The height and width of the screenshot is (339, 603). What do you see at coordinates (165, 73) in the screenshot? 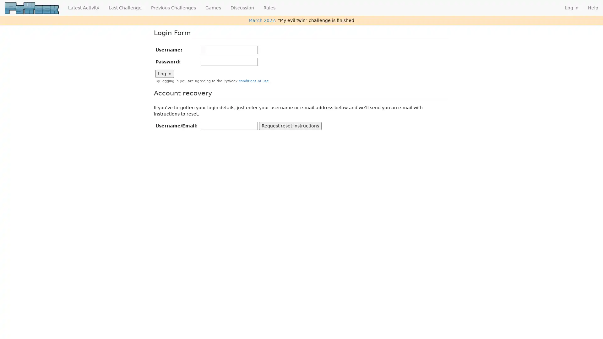
I see `Log in` at bounding box center [165, 73].